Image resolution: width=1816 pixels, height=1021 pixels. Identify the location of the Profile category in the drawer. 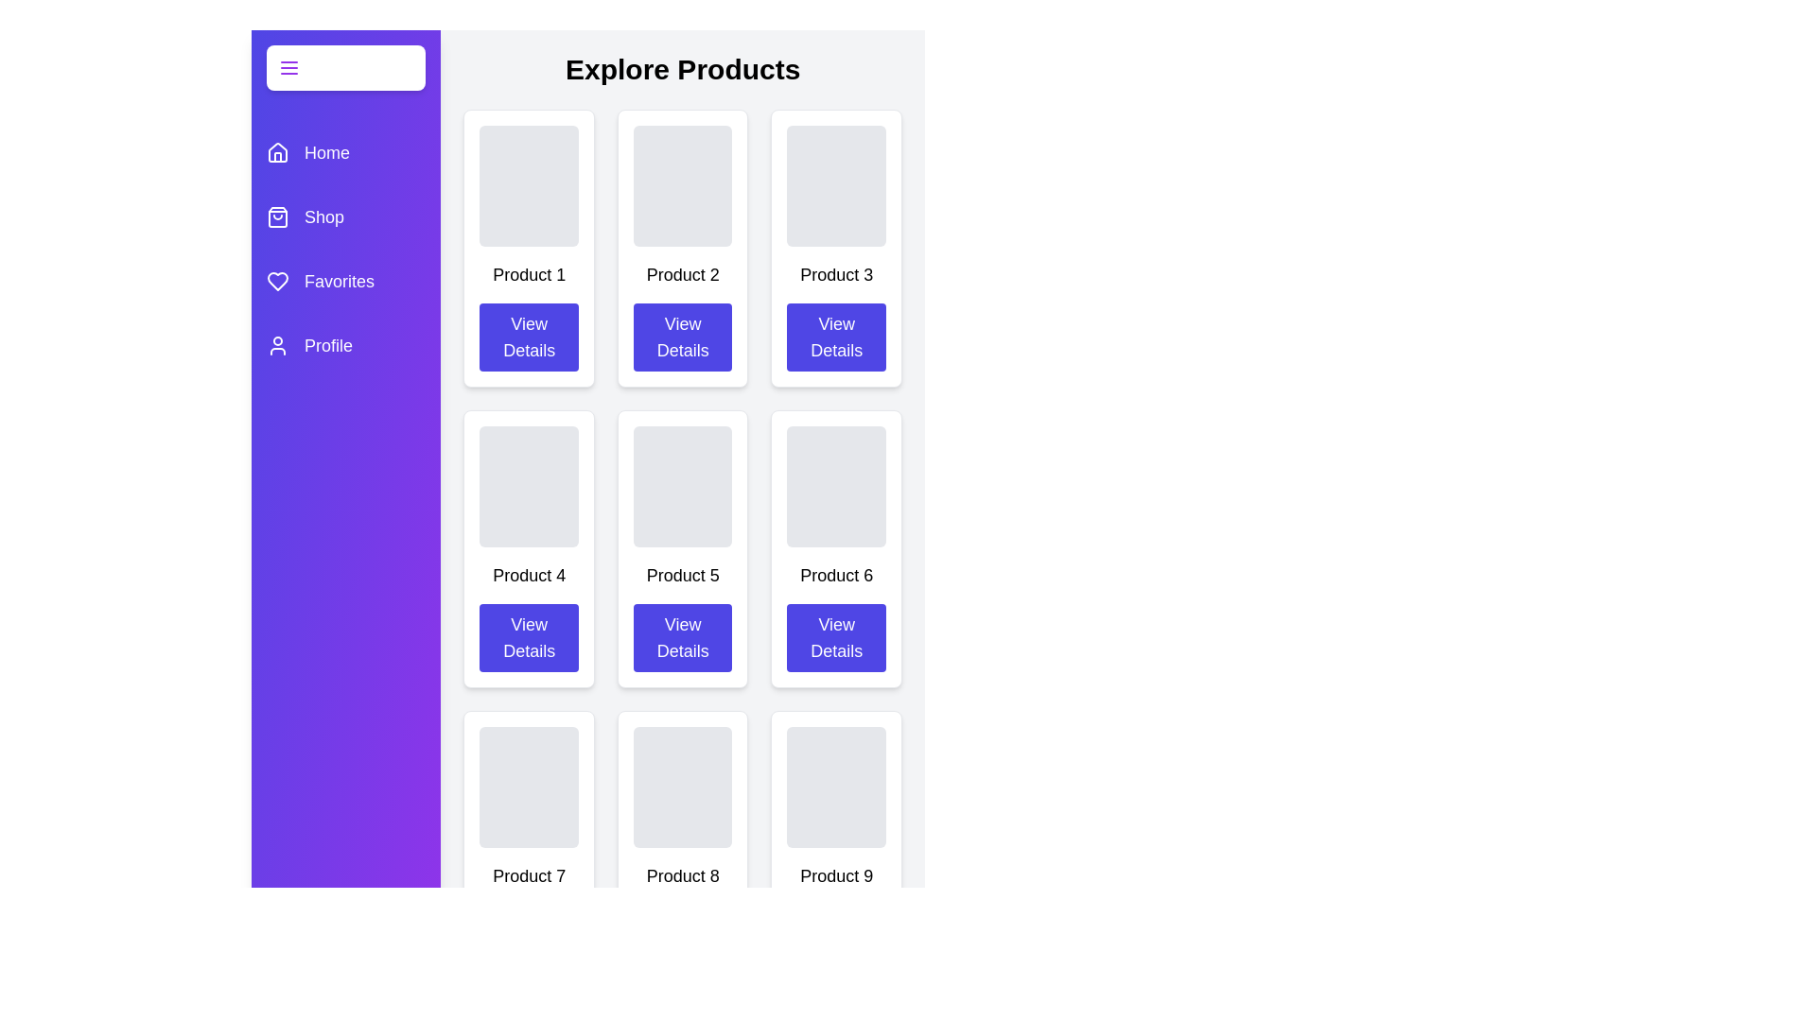
(345, 346).